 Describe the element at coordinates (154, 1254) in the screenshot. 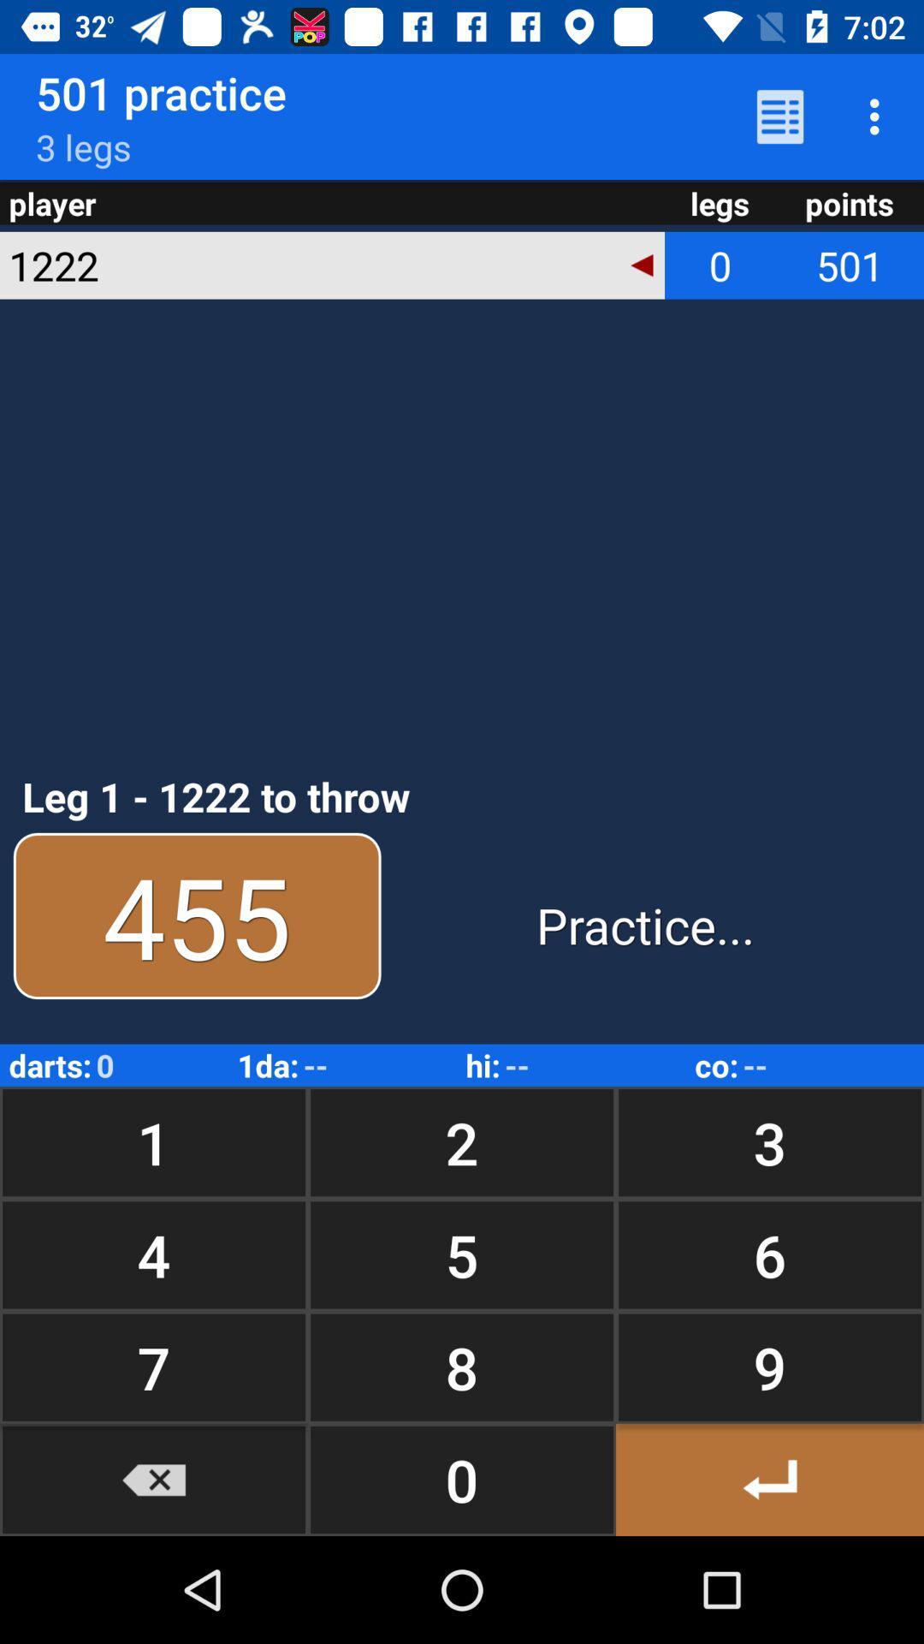

I see `item above the 7 item` at that location.